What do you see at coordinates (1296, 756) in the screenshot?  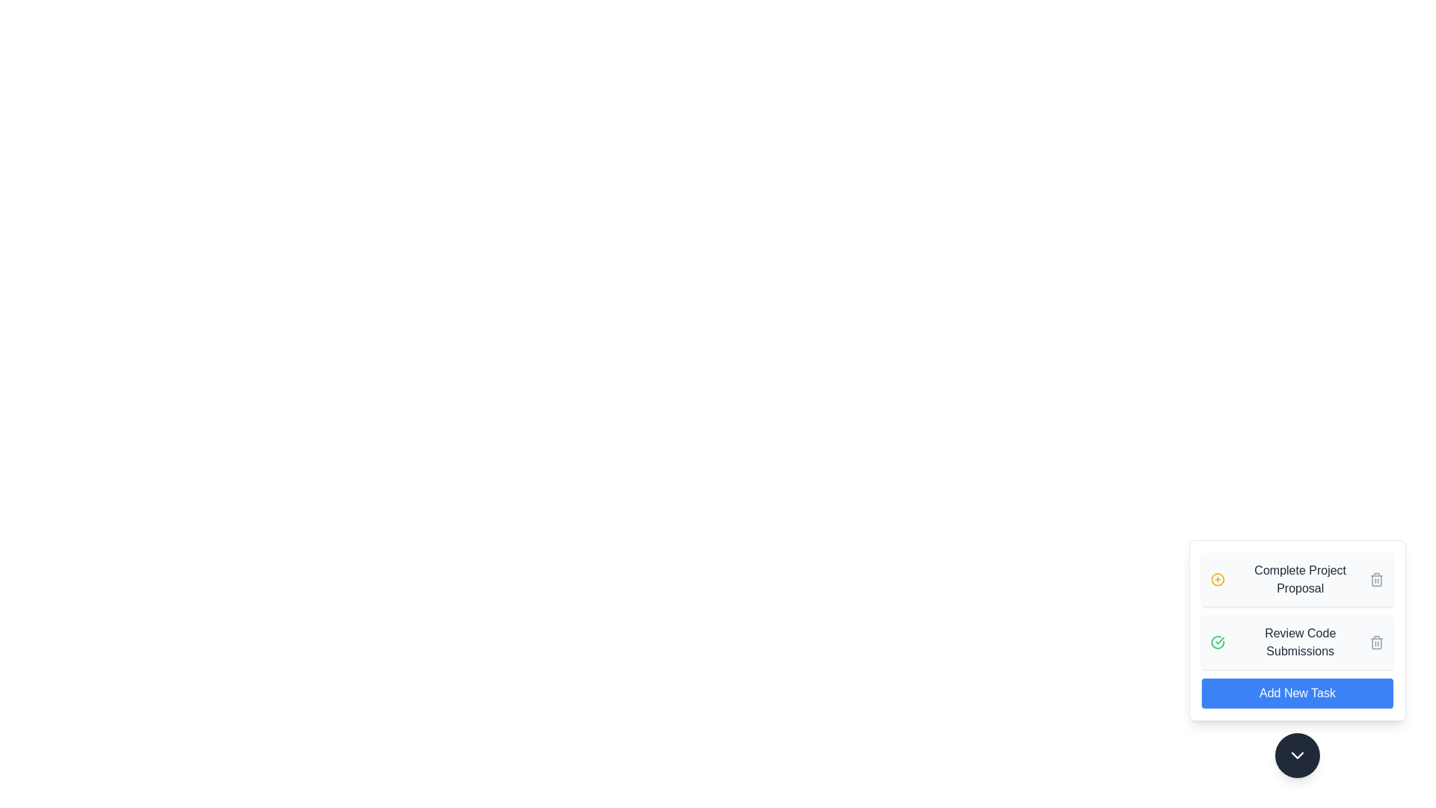 I see `toggle button at the bottom of the component to toggle the visibility of the task panel` at bounding box center [1296, 756].